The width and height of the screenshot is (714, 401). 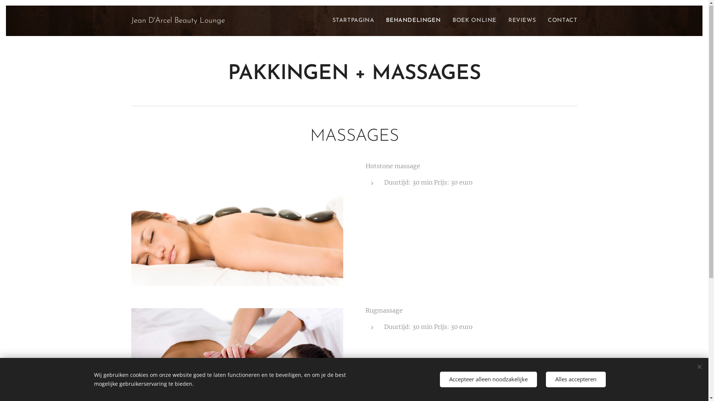 I want to click on 'Alles accepteren', so click(x=575, y=379).